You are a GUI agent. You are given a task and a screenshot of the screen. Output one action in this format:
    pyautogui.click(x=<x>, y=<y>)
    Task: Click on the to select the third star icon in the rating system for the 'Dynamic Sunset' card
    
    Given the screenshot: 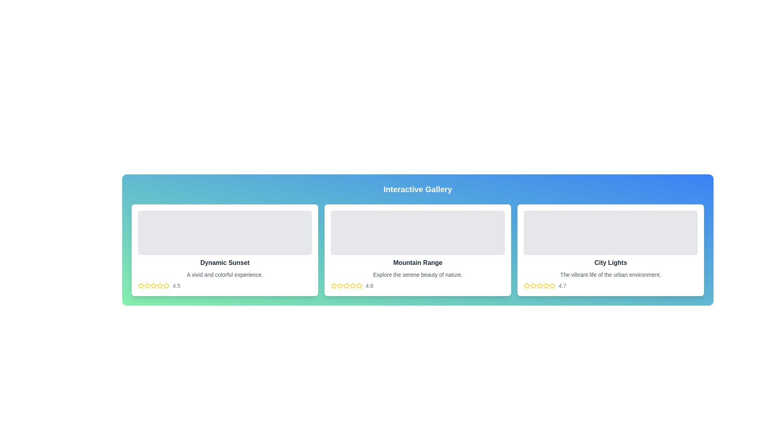 What is the action you would take?
    pyautogui.click(x=159, y=285)
    